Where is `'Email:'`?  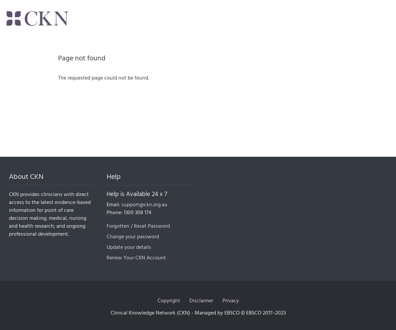
'Email:' is located at coordinates (114, 204).